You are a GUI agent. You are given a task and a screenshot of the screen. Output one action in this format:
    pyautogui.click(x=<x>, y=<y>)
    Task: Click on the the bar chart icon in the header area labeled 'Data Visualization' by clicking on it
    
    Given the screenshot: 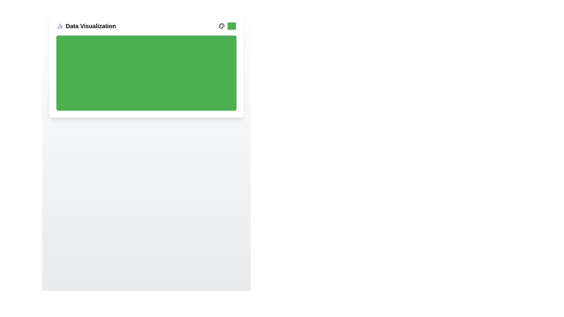 What is the action you would take?
    pyautogui.click(x=60, y=26)
    